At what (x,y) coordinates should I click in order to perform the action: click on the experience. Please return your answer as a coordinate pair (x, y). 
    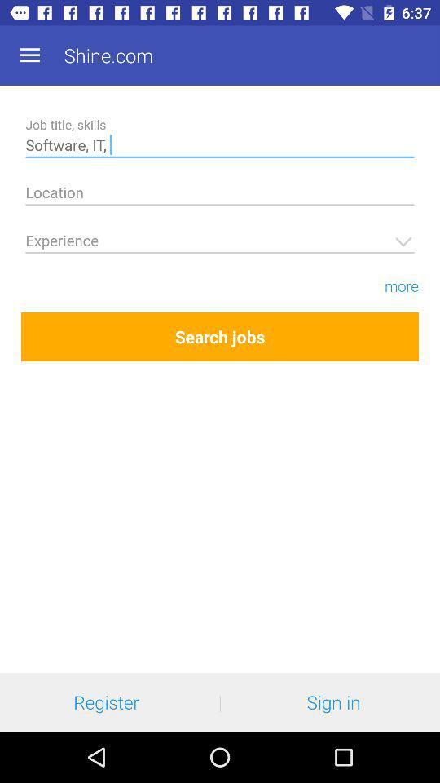
    Looking at the image, I should click on (220, 242).